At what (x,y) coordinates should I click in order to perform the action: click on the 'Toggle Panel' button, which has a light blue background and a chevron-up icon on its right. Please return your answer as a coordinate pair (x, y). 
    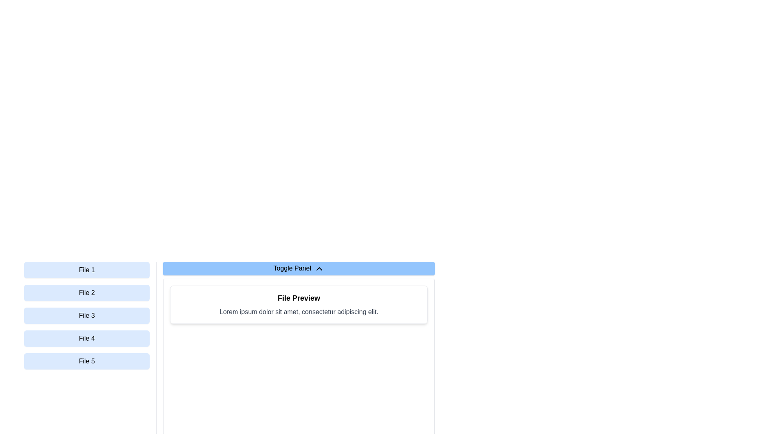
    Looking at the image, I should click on (299, 268).